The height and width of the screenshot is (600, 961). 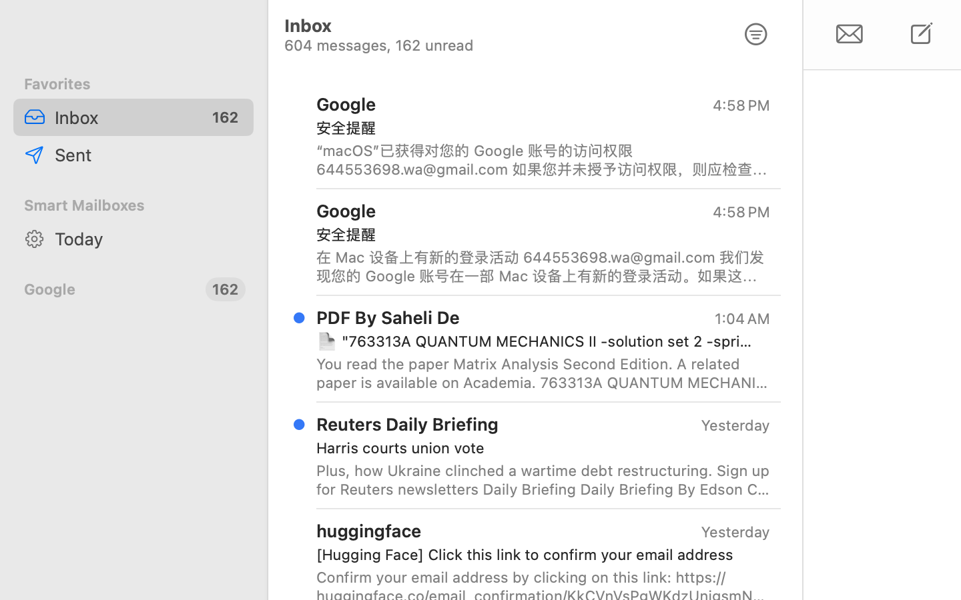 I want to click on 'Smart Mailboxes', so click(x=133, y=204).